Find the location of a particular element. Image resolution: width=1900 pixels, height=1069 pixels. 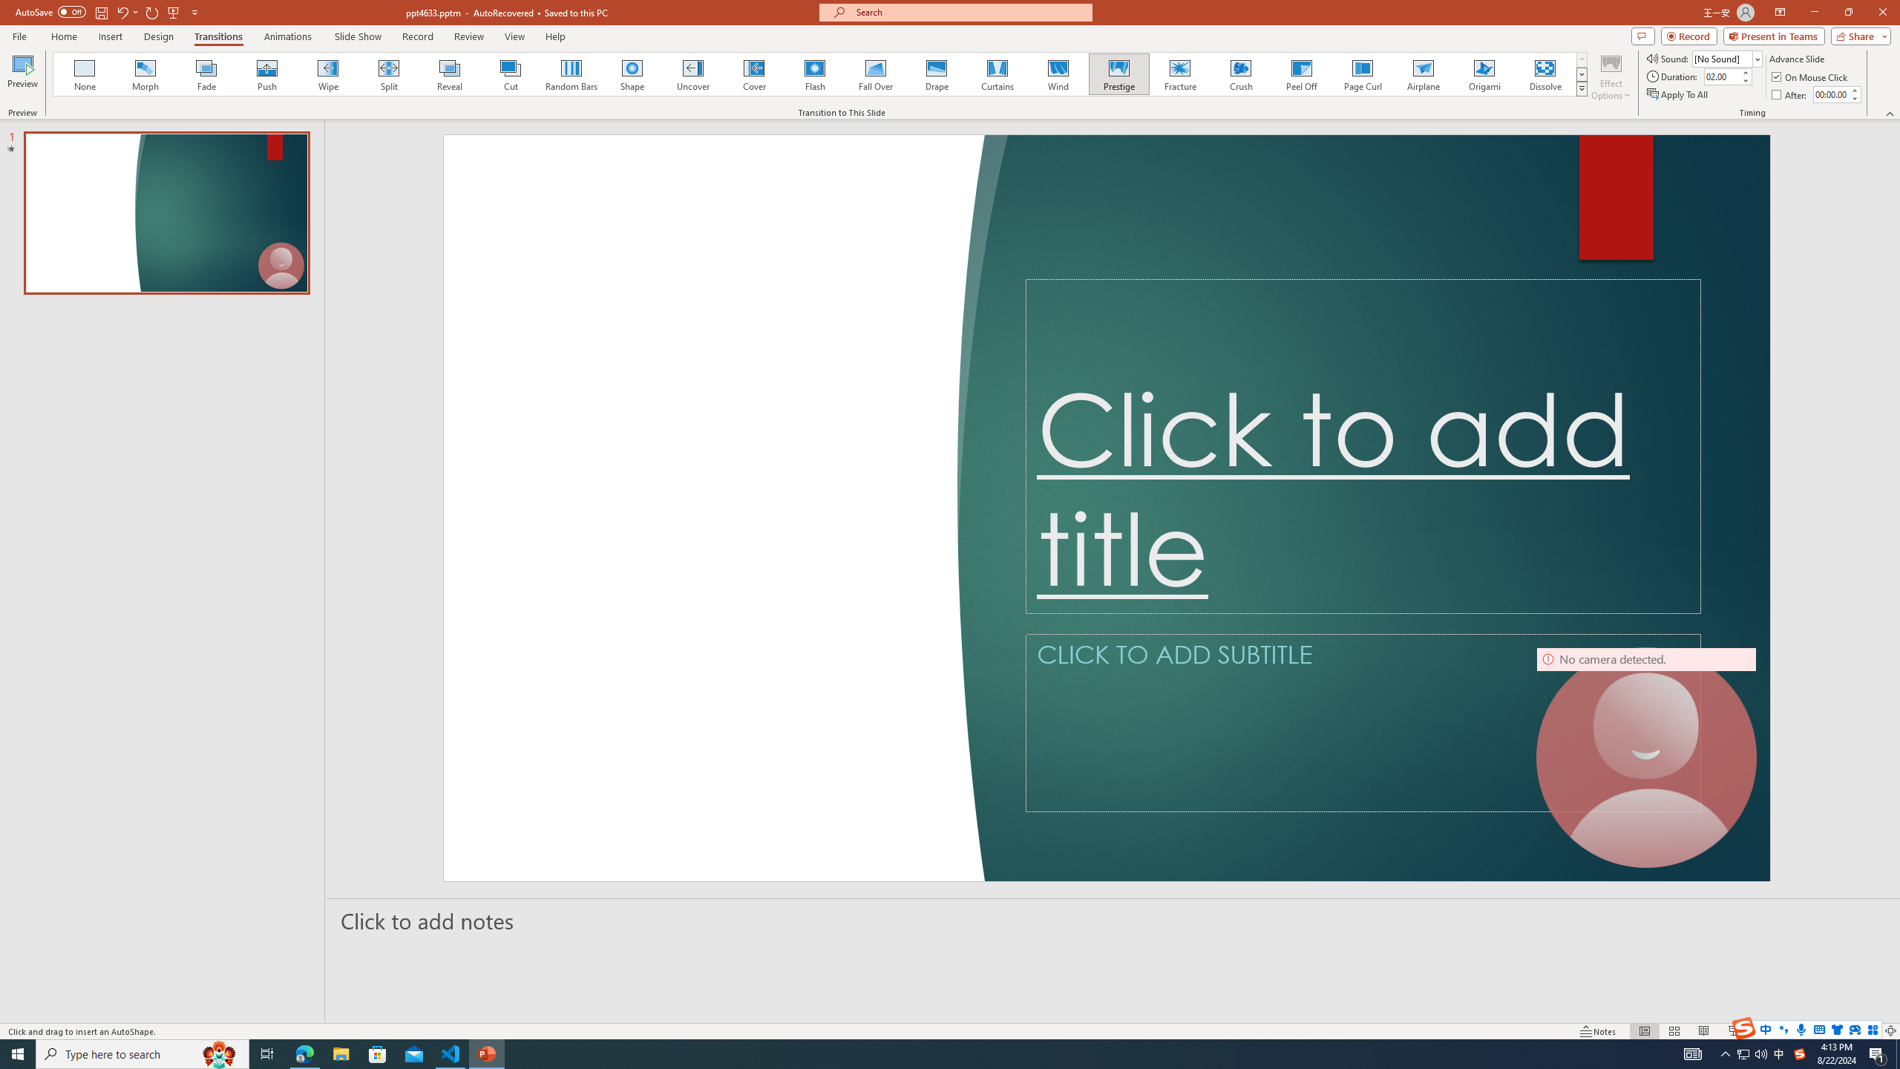

'Shape' is located at coordinates (632, 73).